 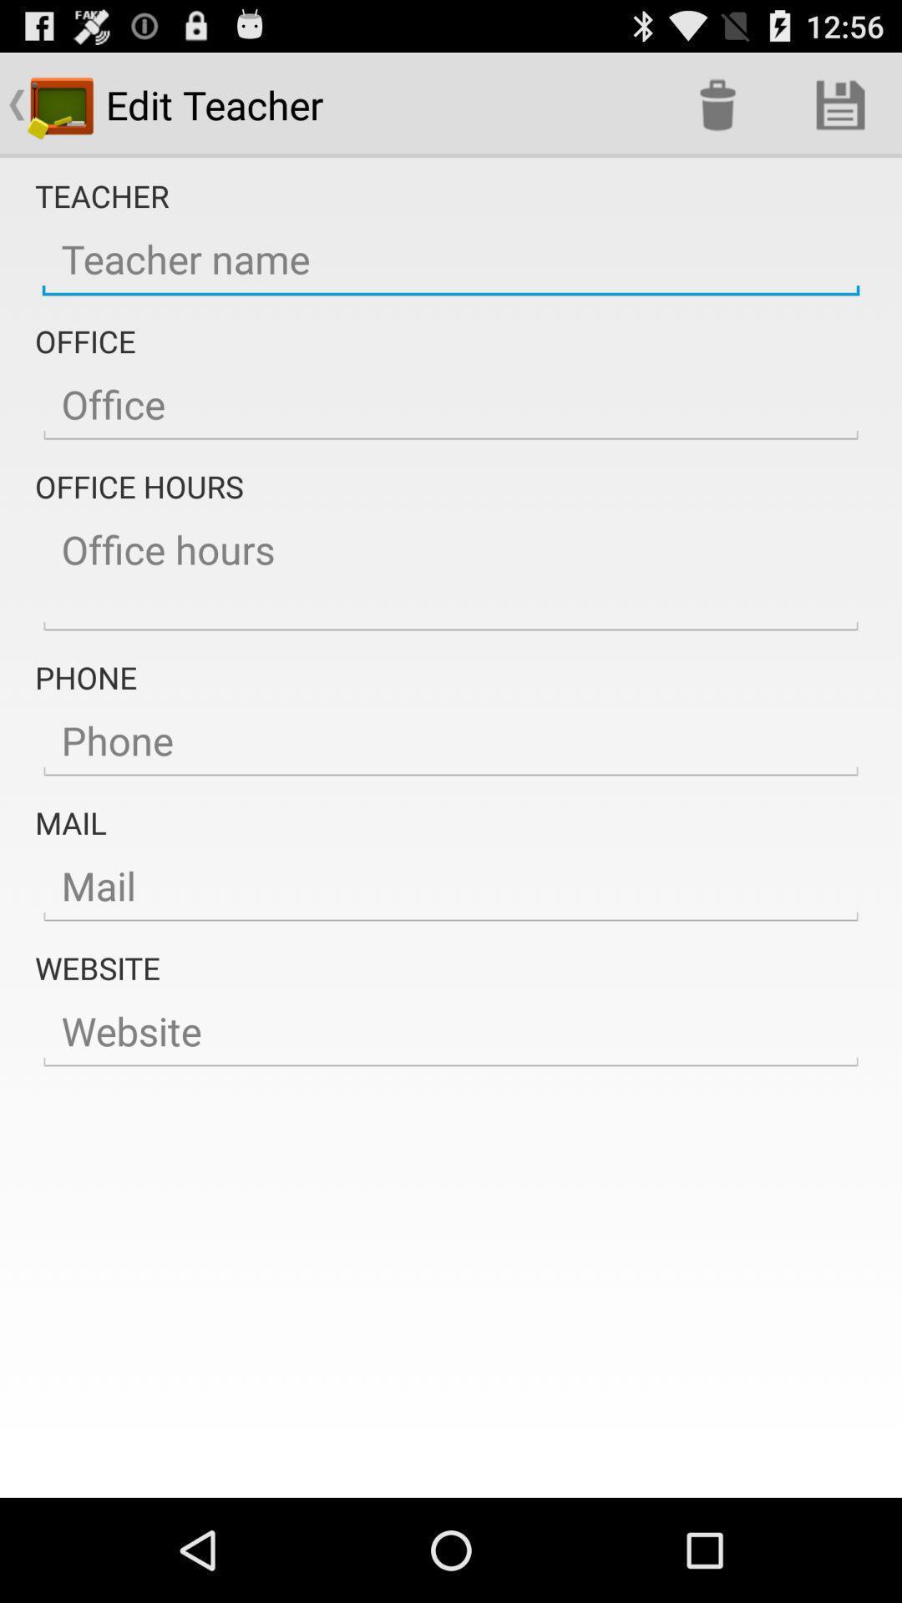 What do you see at coordinates (451, 741) in the screenshot?
I see `edit teacher phone number` at bounding box center [451, 741].